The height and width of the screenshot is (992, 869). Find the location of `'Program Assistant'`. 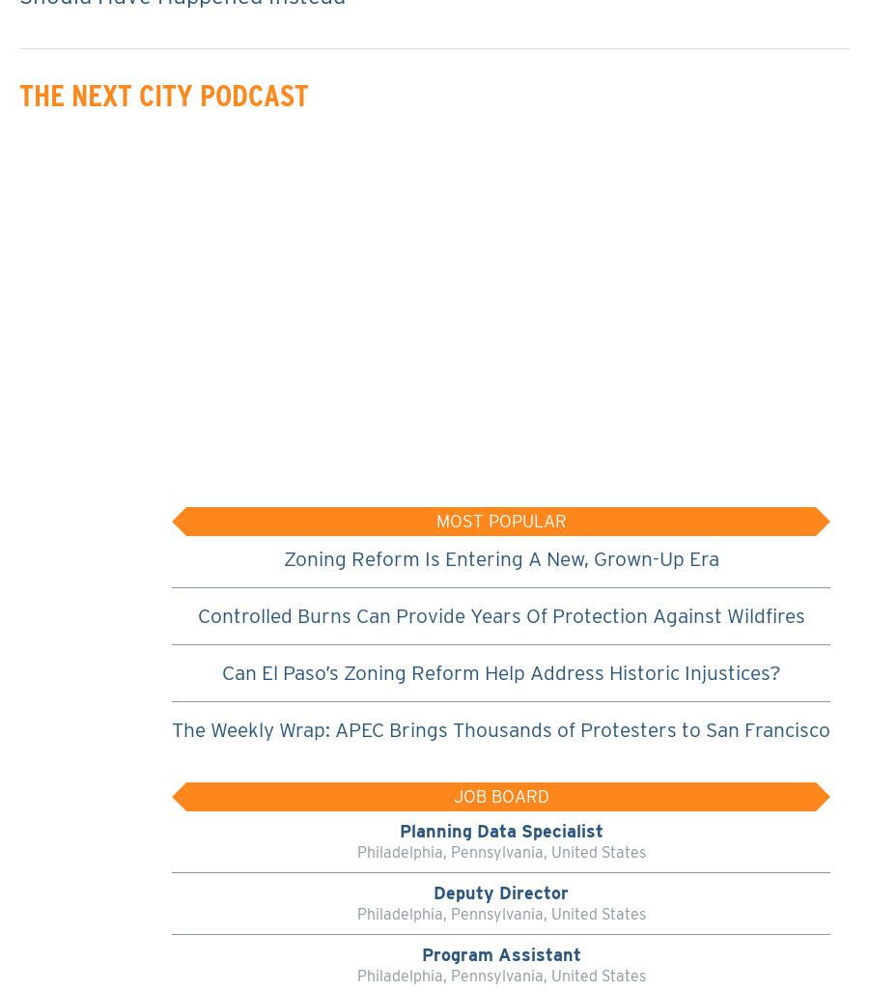

'Program Assistant' is located at coordinates (499, 953).